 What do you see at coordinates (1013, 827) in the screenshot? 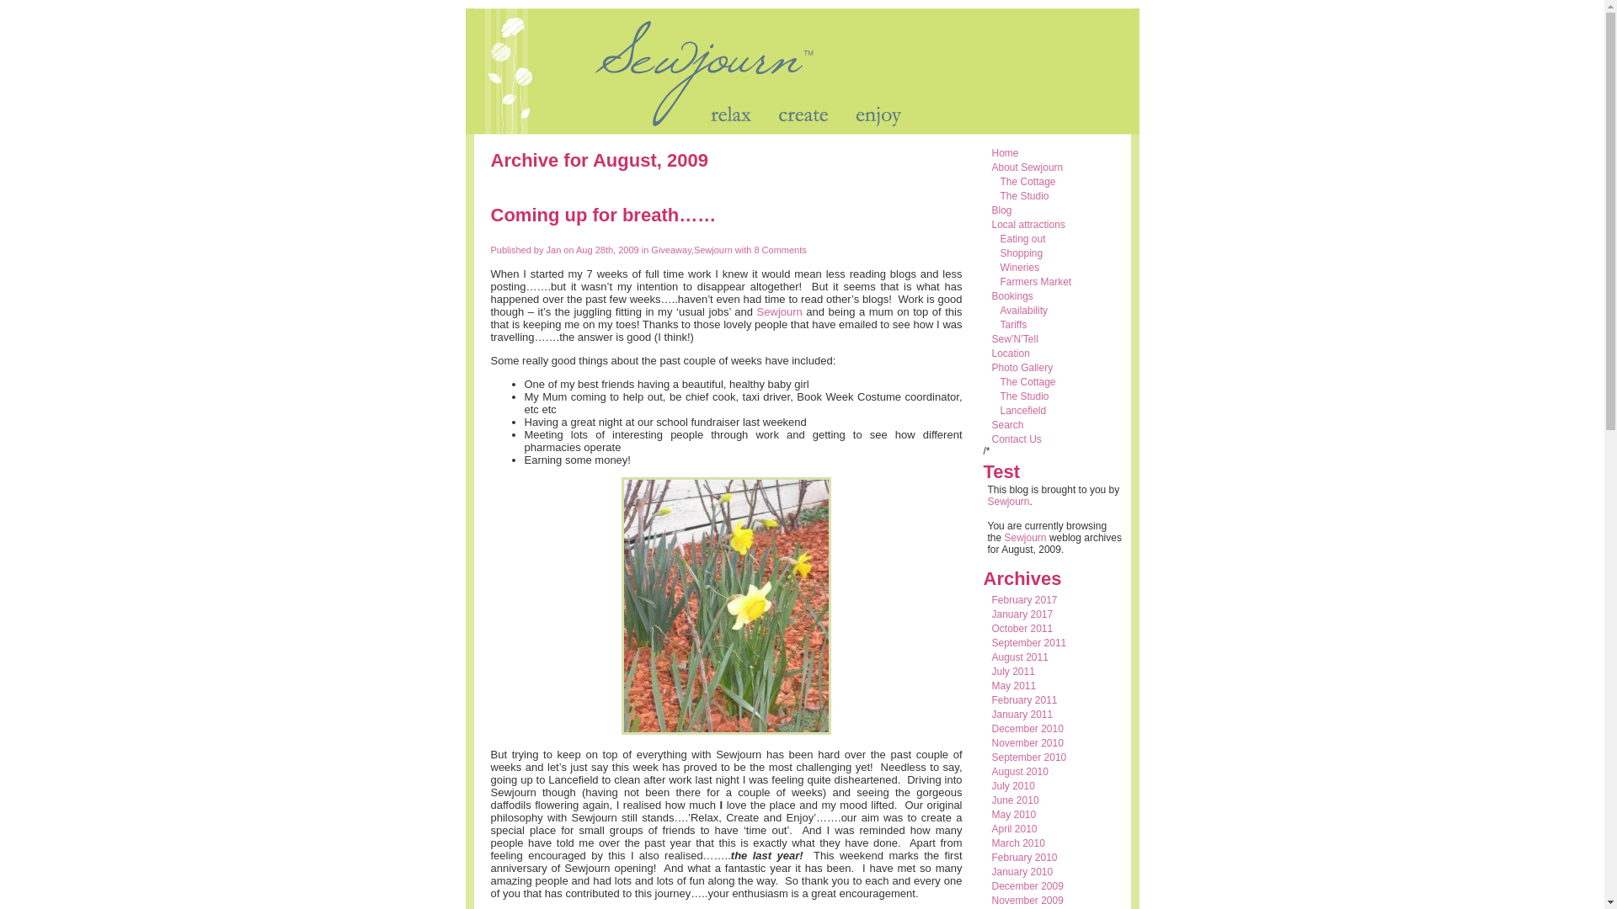
I see `'April 2010'` at bounding box center [1013, 827].